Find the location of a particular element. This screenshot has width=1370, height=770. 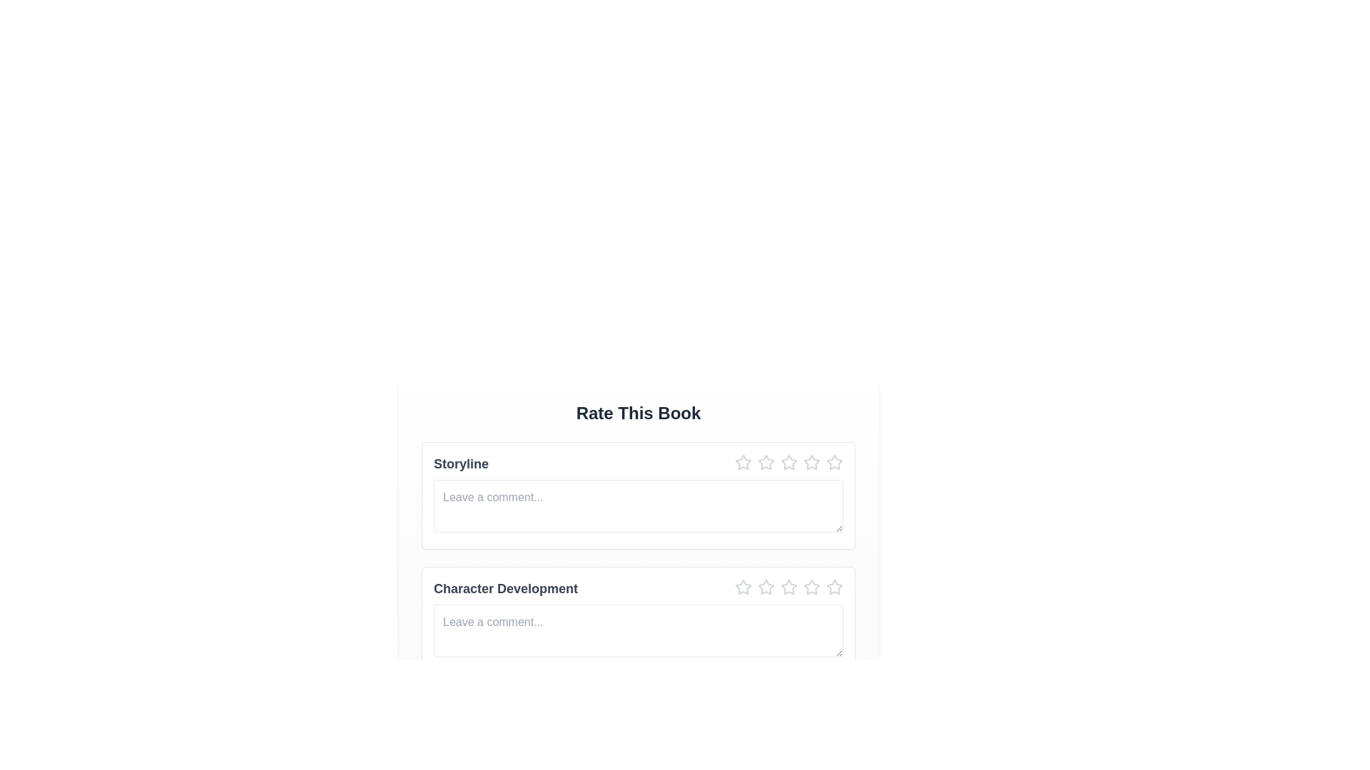

the fourth star icon in the Rating section is located at coordinates (788, 462).